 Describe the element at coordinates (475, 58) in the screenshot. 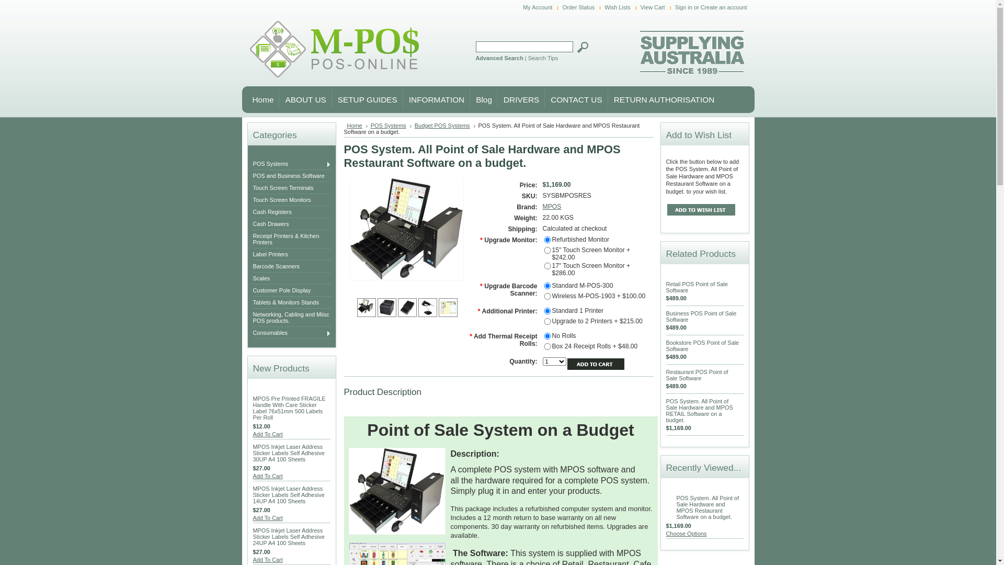

I see `'Advanced Search'` at that location.